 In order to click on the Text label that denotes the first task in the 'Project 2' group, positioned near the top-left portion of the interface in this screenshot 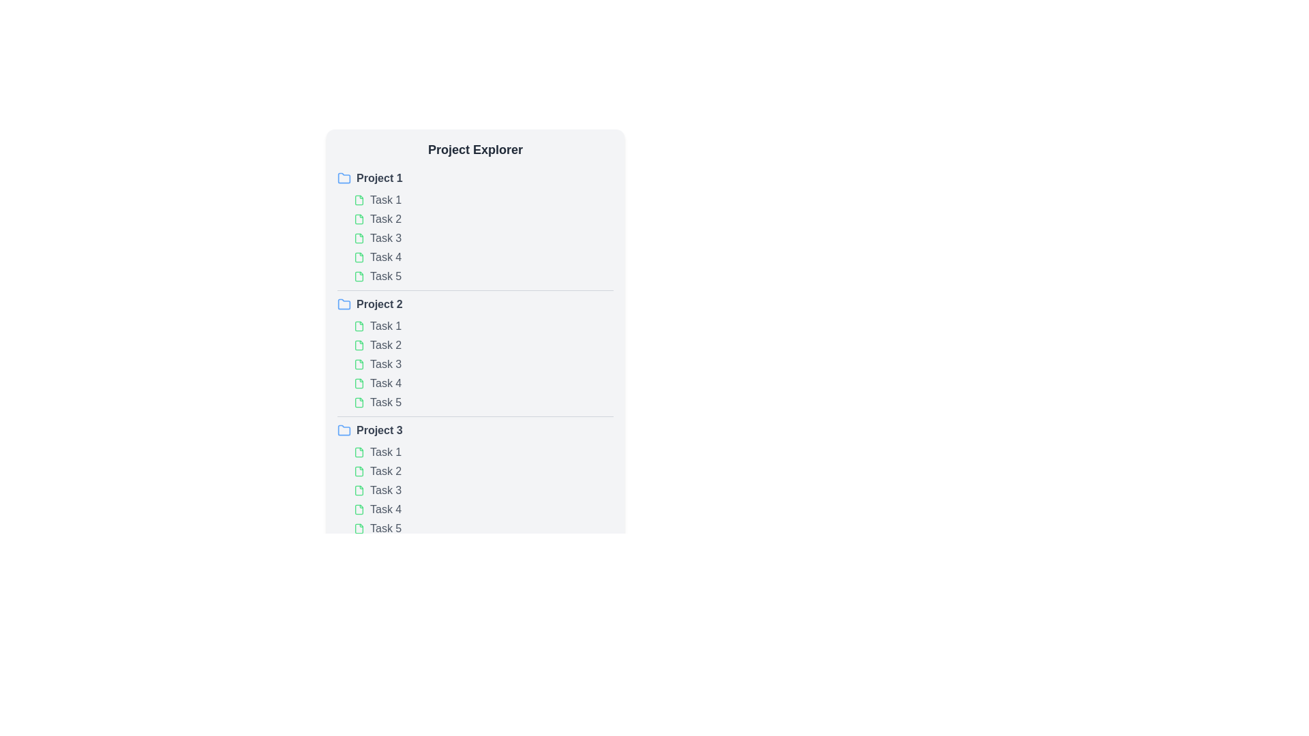, I will do `click(385, 326)`.